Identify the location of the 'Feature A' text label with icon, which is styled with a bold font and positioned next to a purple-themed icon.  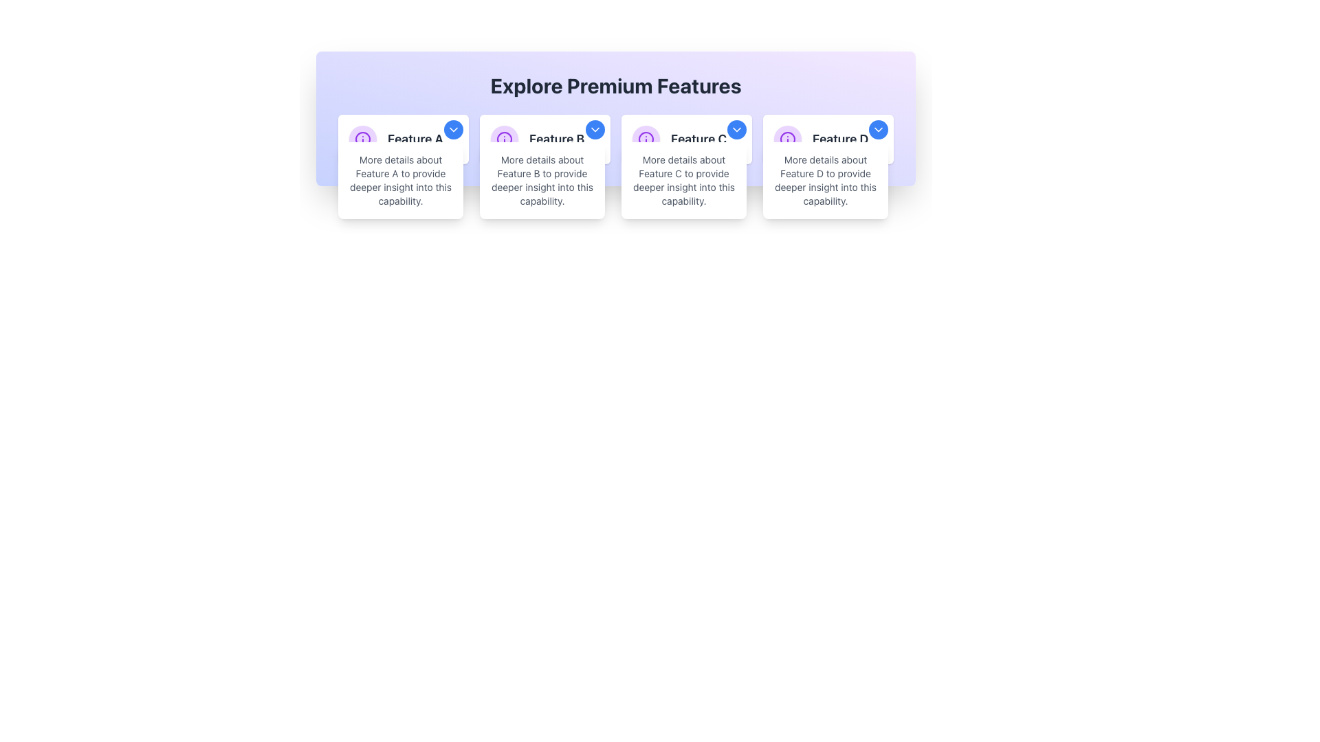
(402, 139).